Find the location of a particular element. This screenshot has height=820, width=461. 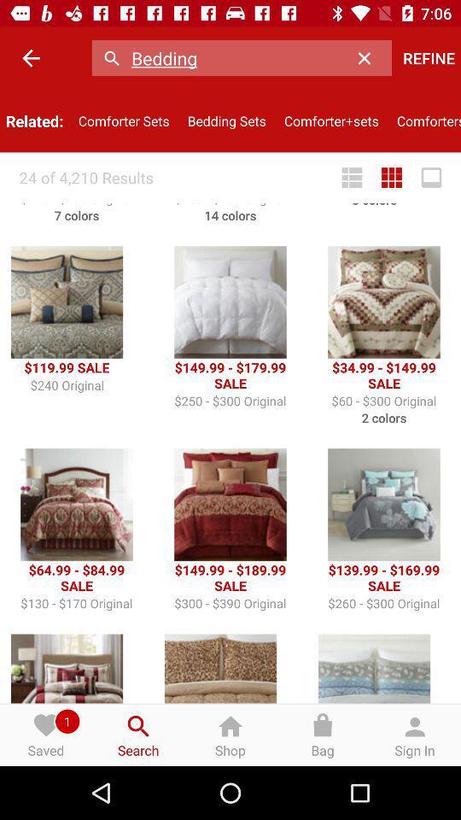

the icon next to comforter sets item is located at coordinates (226, 120).